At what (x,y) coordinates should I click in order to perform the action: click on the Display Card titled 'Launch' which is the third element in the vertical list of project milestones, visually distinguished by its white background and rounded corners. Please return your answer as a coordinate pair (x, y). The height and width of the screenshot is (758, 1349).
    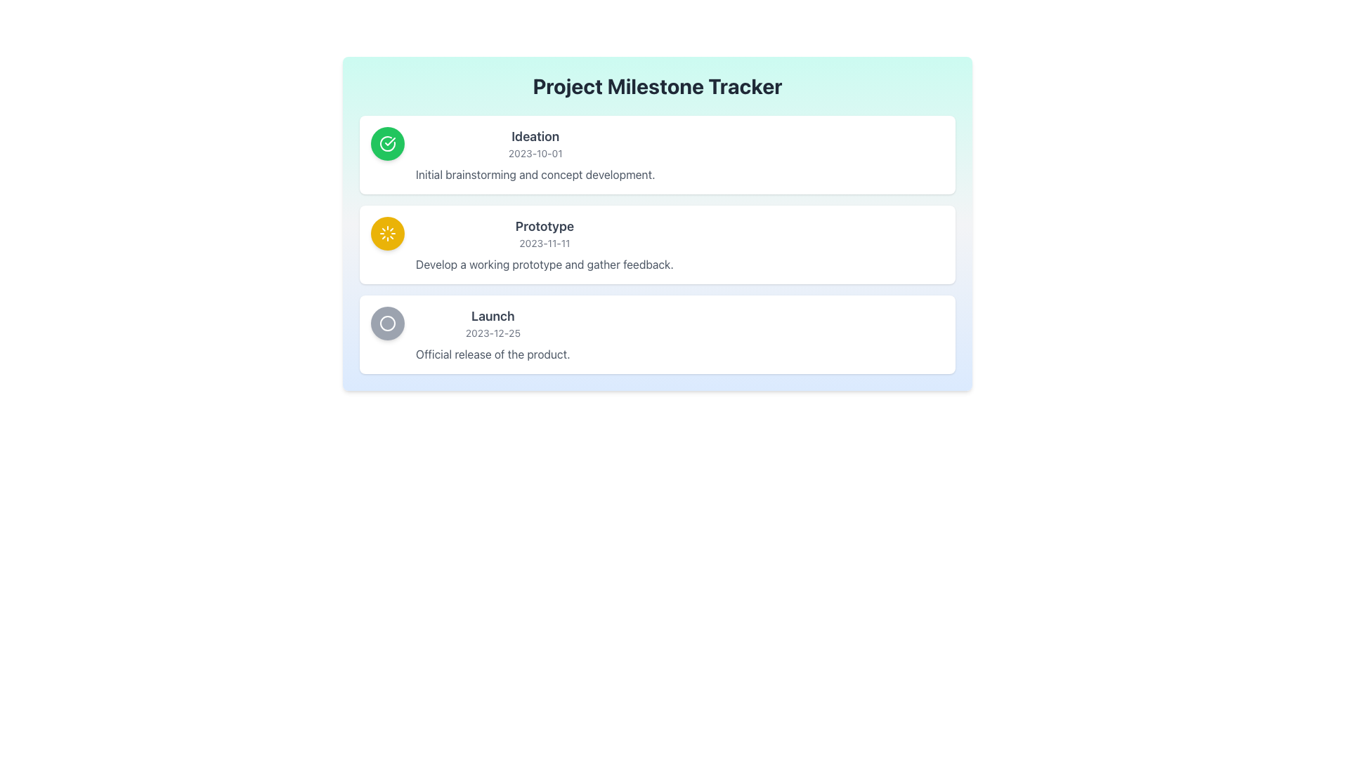
    Looking at the image, I should click on (657, 335).